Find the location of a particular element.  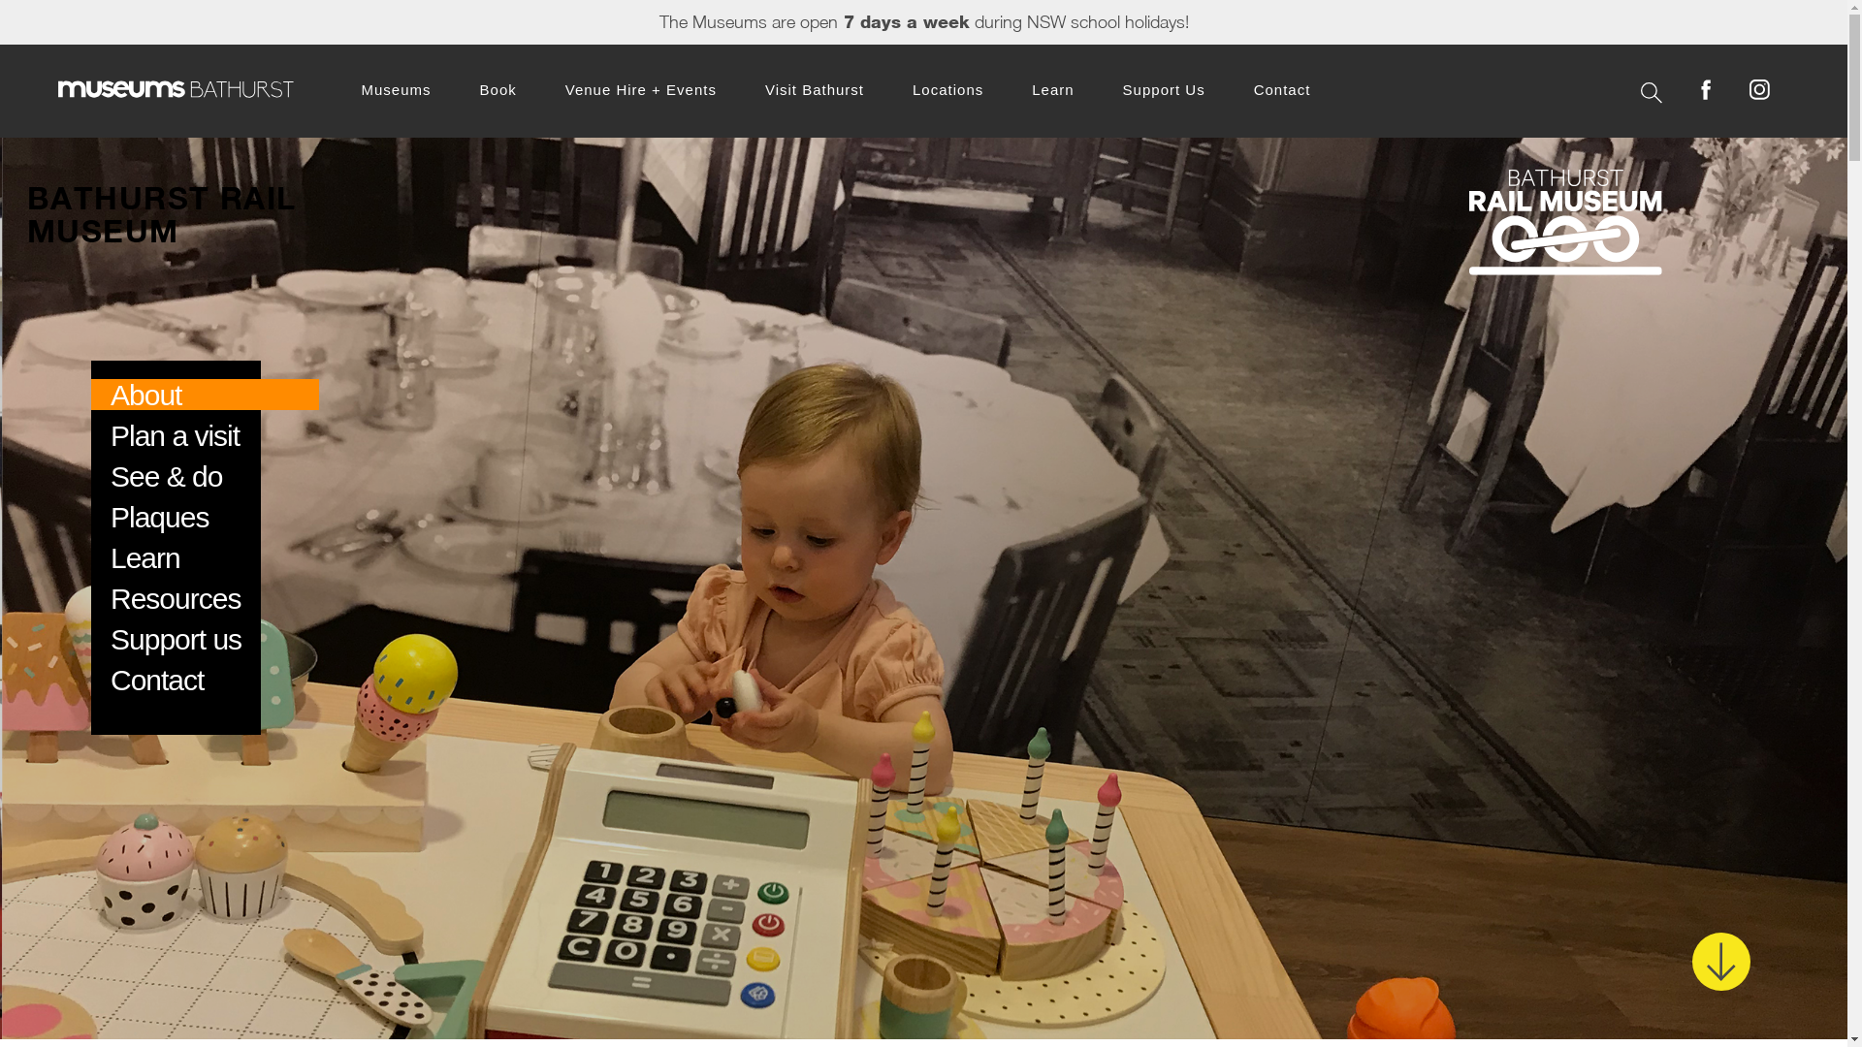

'Locations' is located at coordinates (911, 89).